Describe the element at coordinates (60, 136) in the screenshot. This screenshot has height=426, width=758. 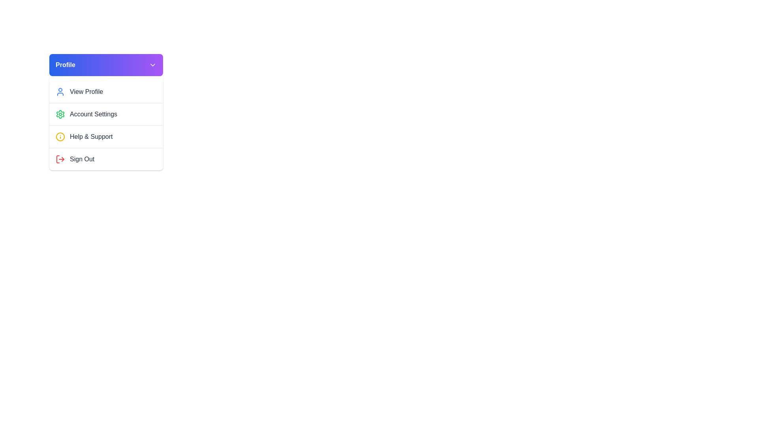
I see `the Help & Support icon located on the left side of the 'Help & Support' menu item, which is the third element in the vertical stack under the 'Profile' section` at that location.